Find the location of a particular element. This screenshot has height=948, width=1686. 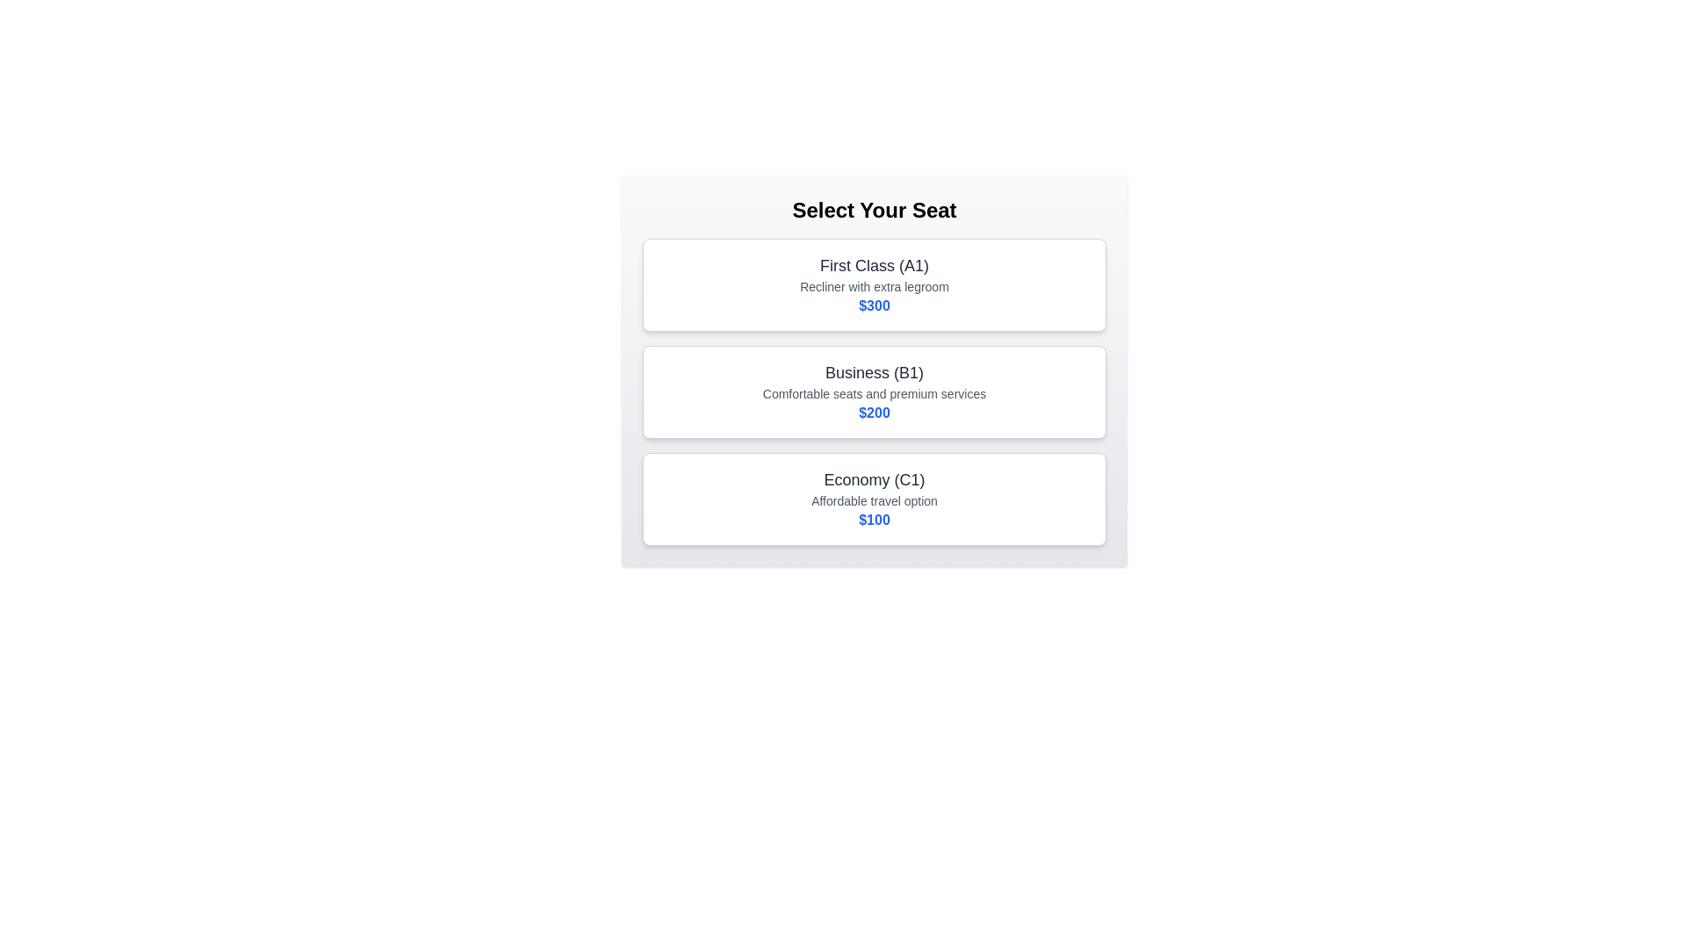

the vertically stacked list of selection options for travel classes located below the heading 'Select Your Seat' is located at coordinates (875, 391).